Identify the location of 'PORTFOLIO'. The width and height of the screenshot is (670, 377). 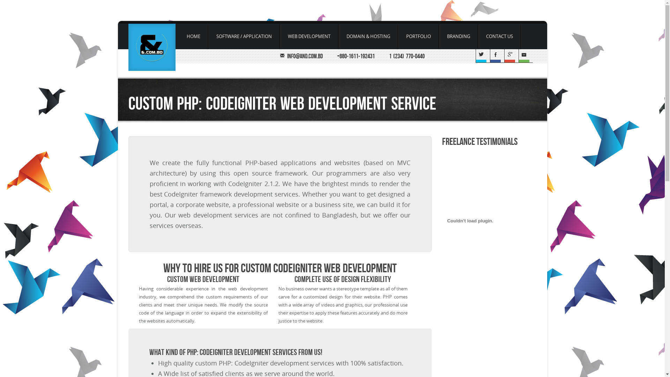
(419, 36).